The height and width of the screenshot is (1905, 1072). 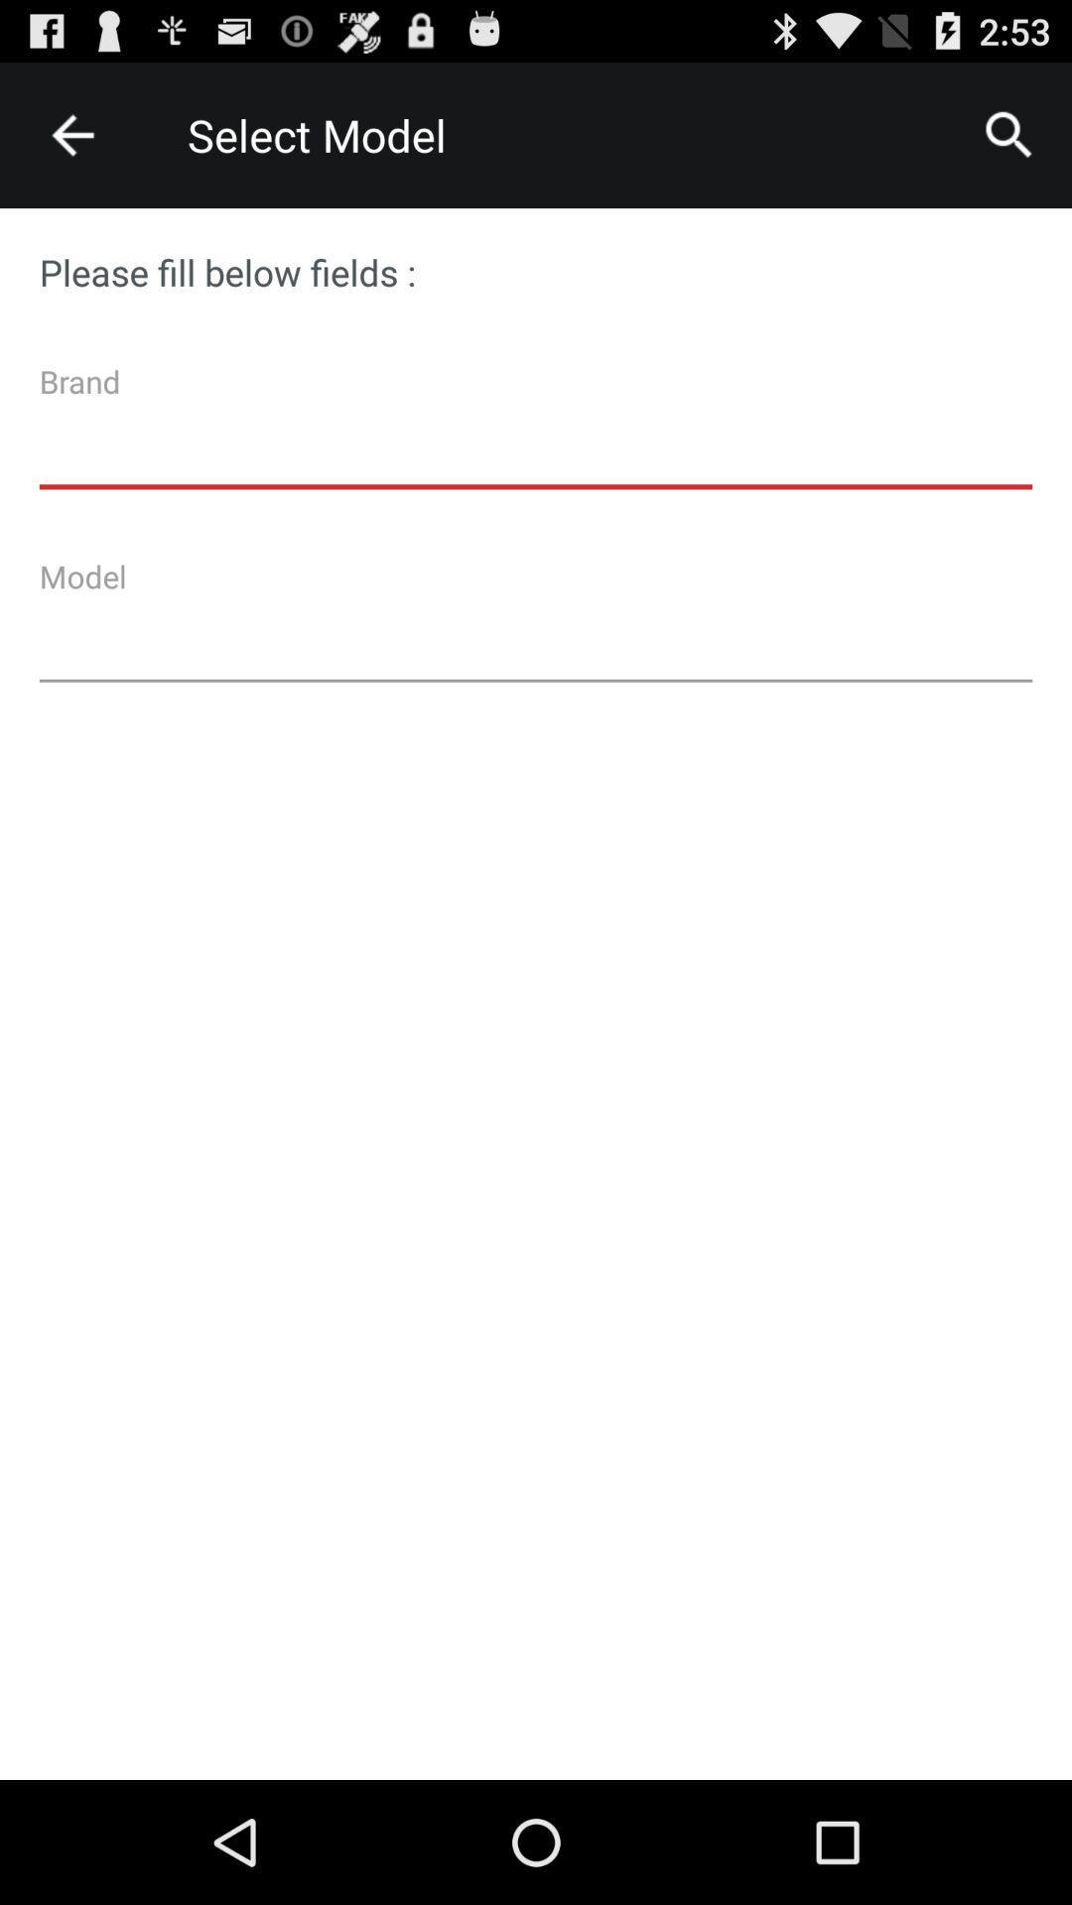 What do you see at coordinates (536, 627) in the screenshot?
I see `model space` at bounding box center [536, 627].